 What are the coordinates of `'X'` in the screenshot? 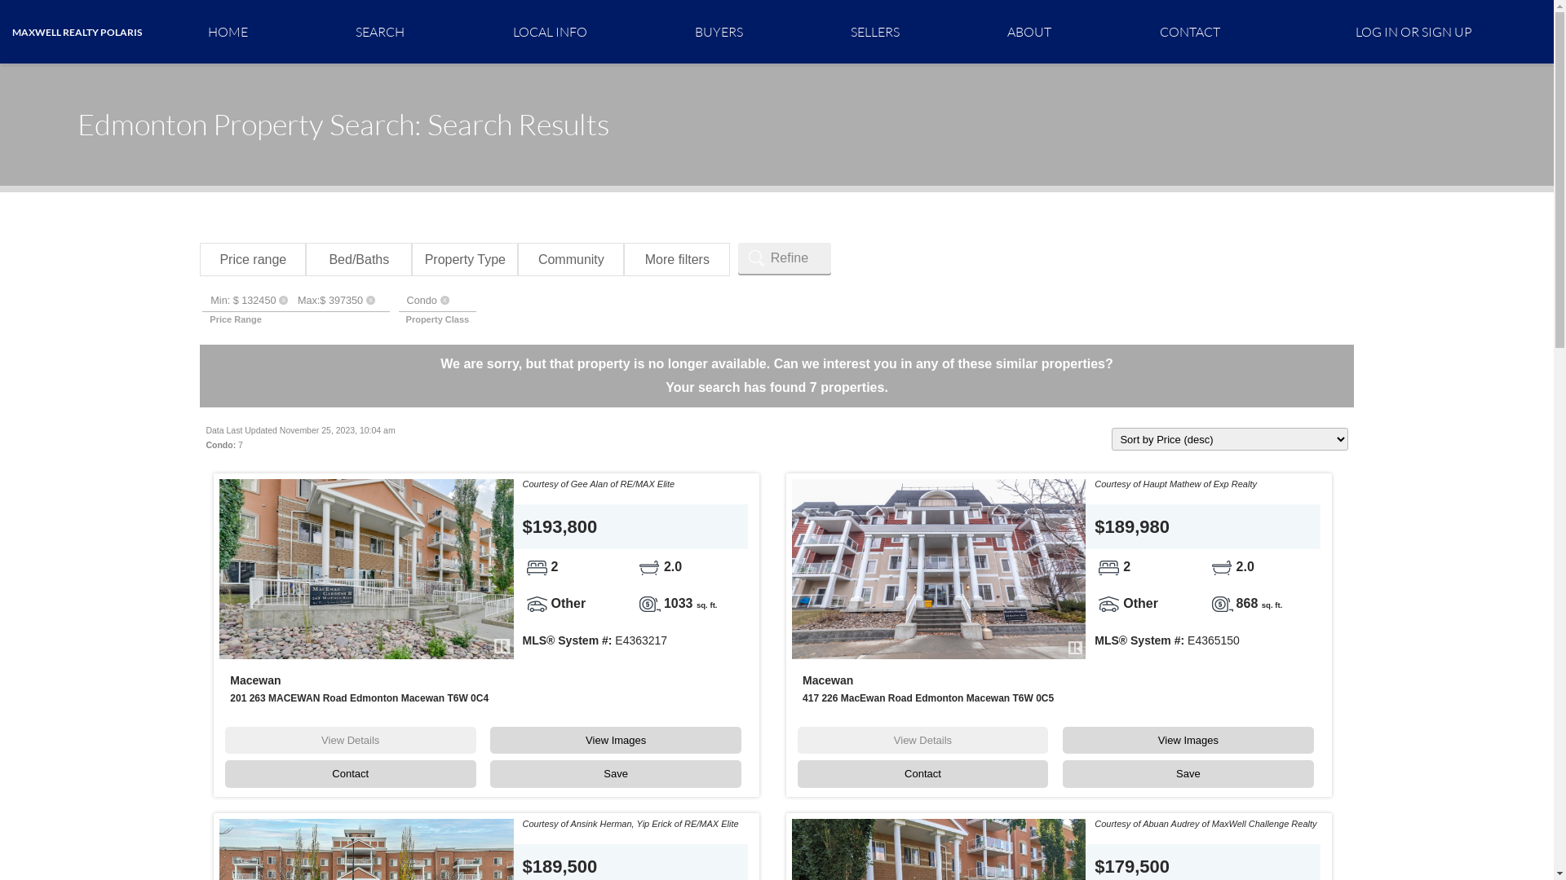 It's located at (445, 300).